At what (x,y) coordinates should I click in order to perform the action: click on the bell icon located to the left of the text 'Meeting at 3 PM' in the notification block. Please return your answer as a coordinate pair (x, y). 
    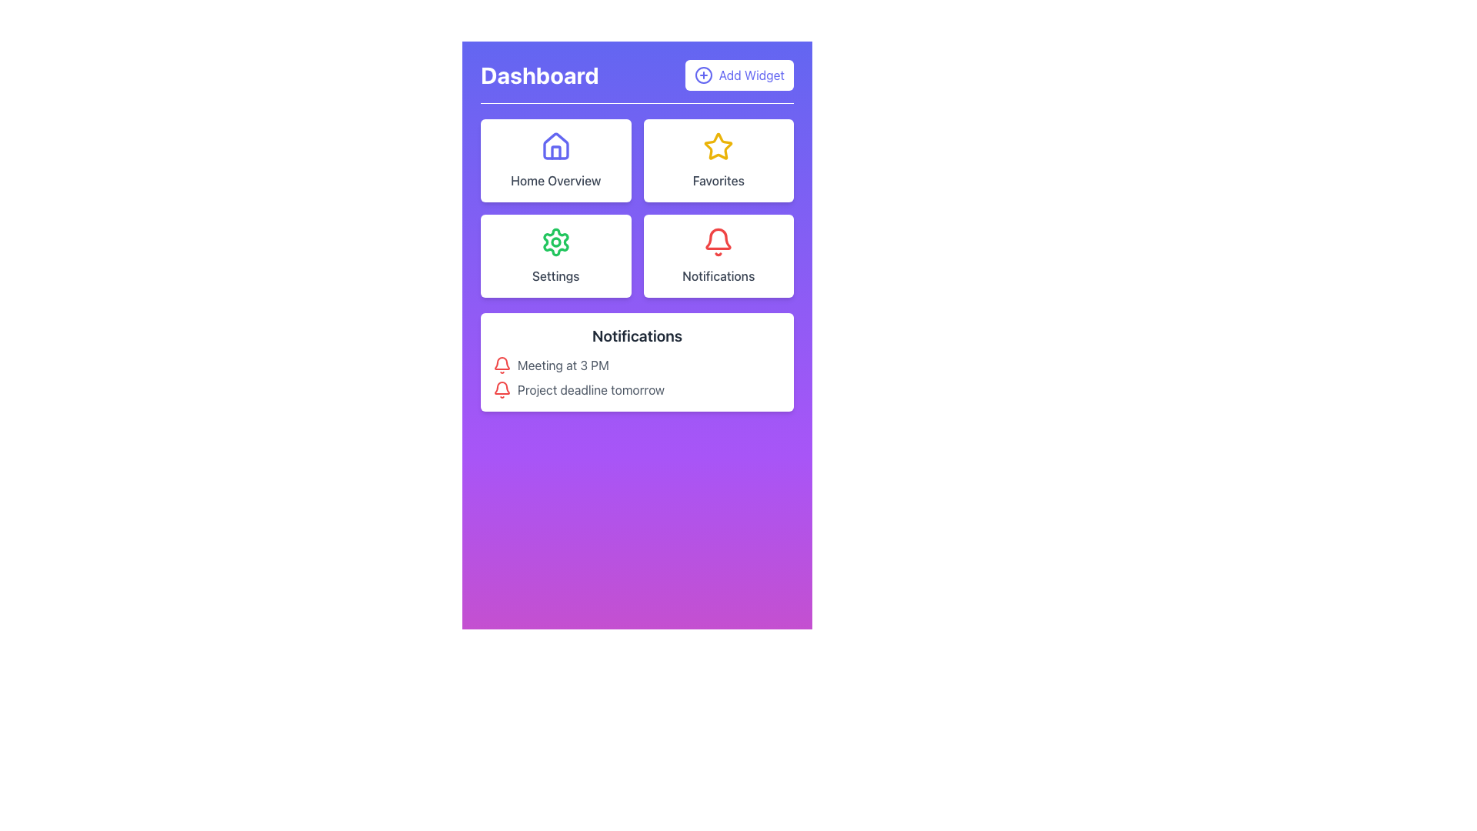
    Looking at the image, I should click on (502, 365).